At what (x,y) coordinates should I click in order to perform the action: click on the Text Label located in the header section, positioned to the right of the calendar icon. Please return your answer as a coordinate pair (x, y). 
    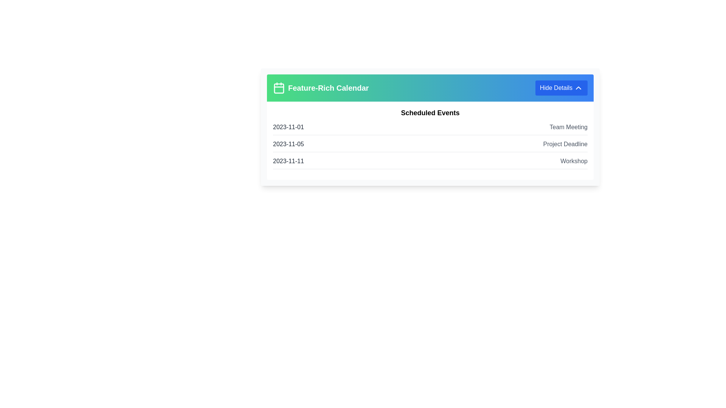
    Looking at the image, I should click on (328, 87).